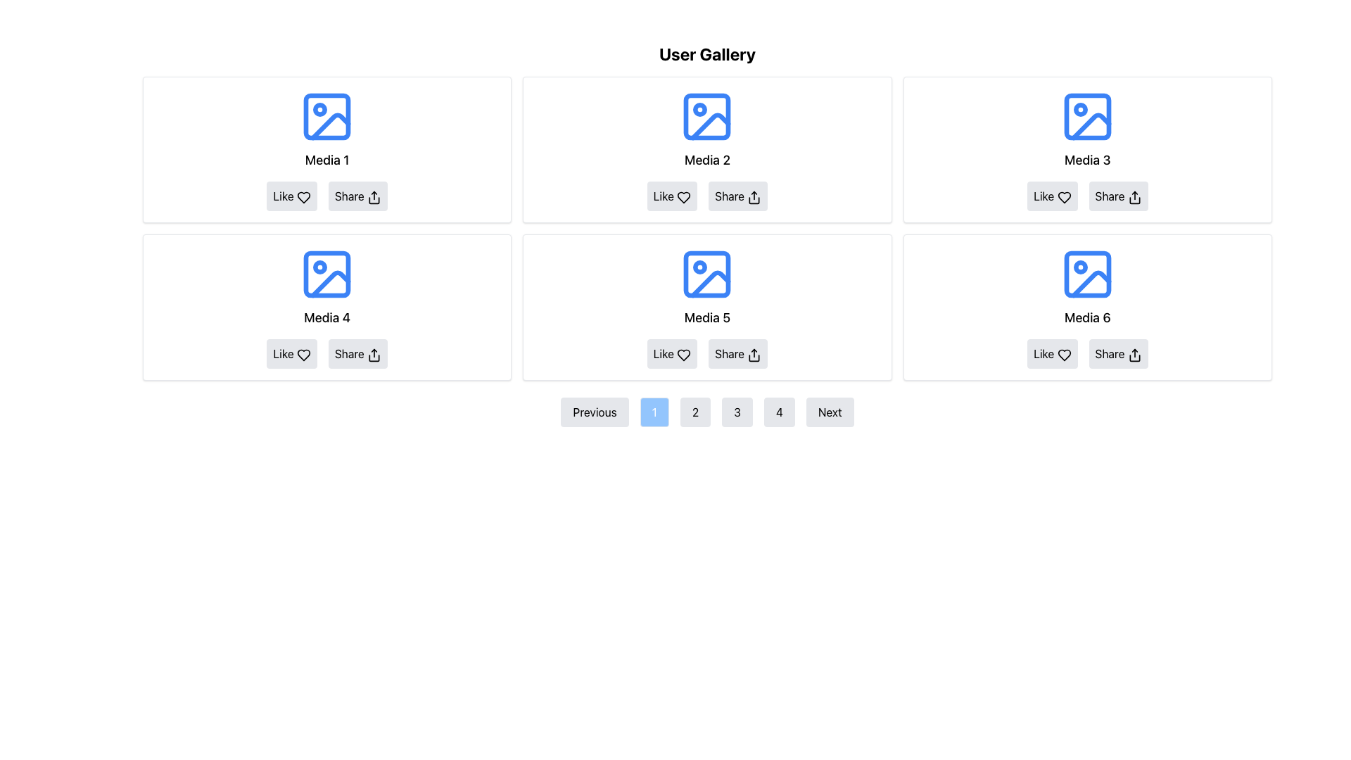 This screenshot has width=1351, height=760. Describe the element at coordinates (754, 354) in the screenshot. I see `the share icon located within the 'Share' button in the bottom-right corner of the 'Media 5' panel` at that location.